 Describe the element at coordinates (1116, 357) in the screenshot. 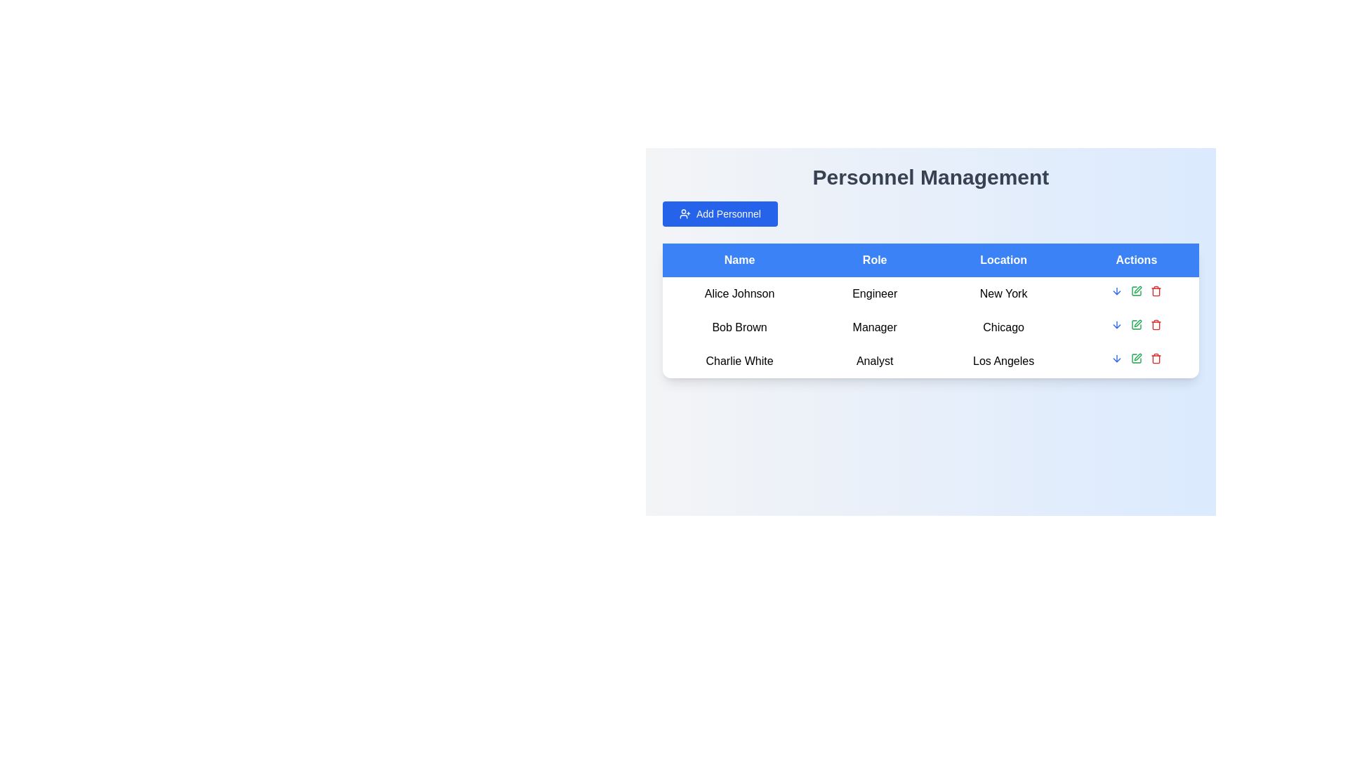

I see `the button in the third row of the 'Actions' column` at that location.